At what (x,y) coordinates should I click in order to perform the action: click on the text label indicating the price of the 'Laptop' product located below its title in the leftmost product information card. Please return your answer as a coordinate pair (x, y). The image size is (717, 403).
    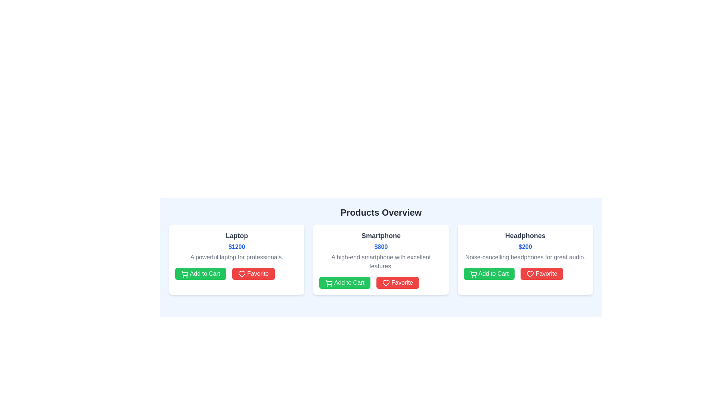
    Looking at the image, I should click on (236, 247).